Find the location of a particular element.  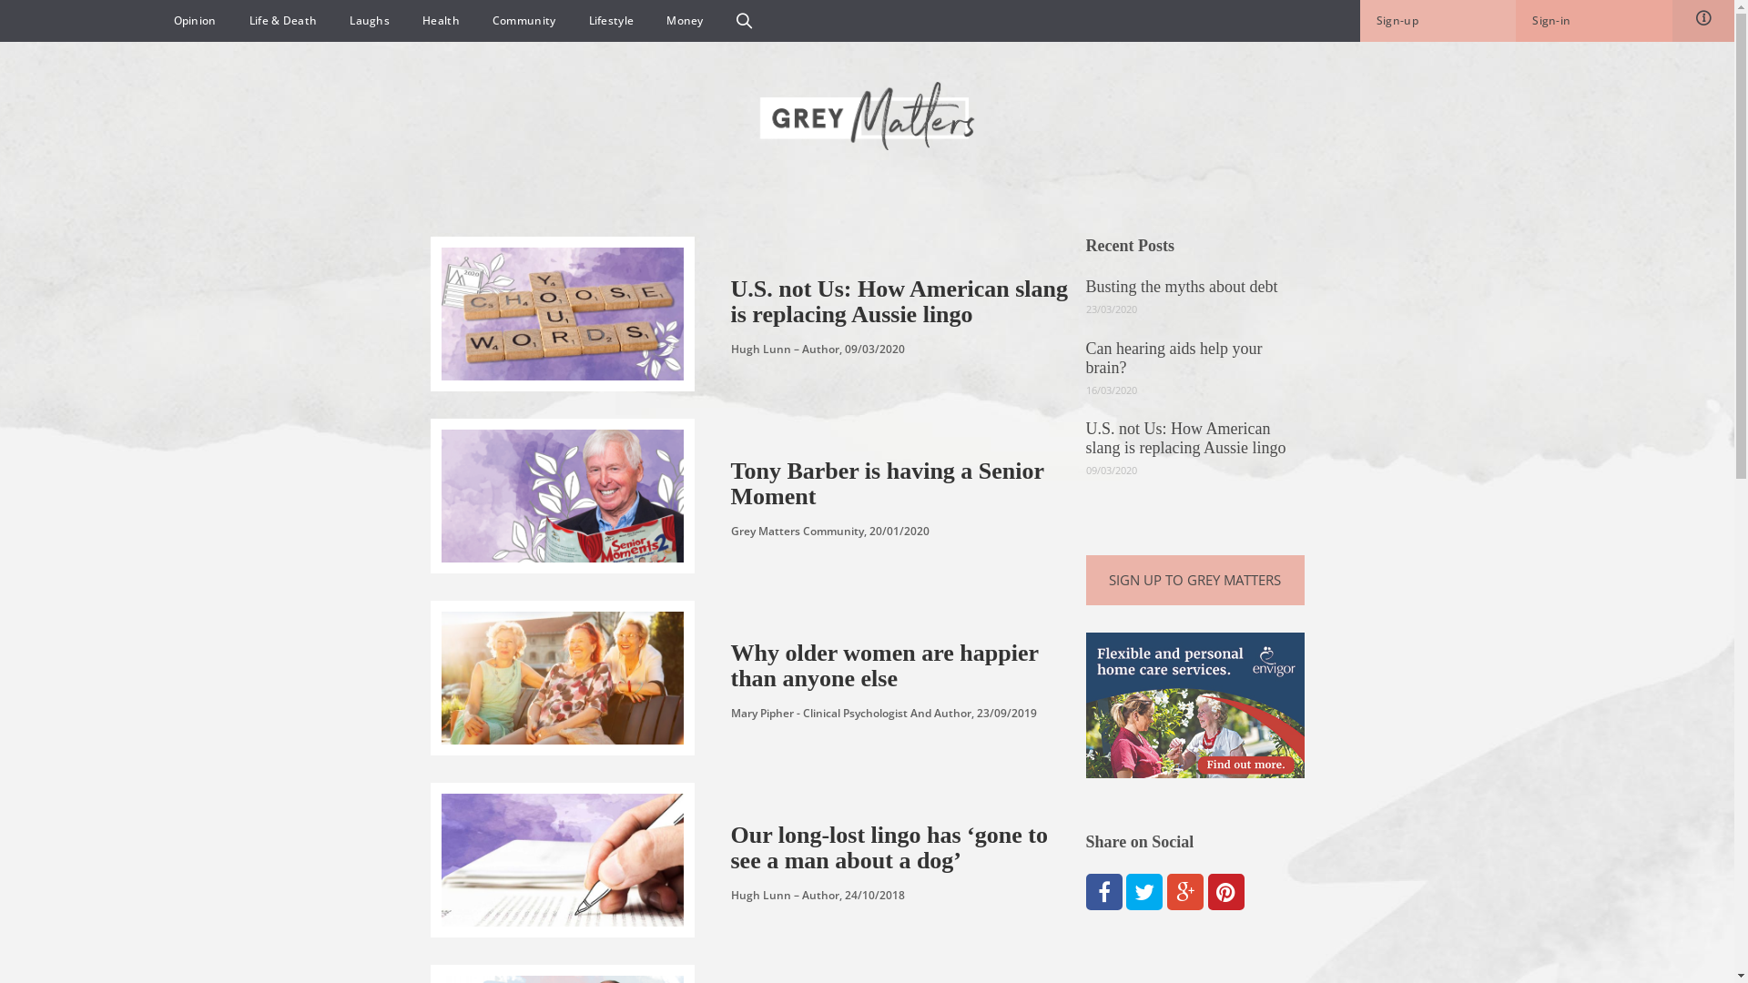

'Lifestyle' is located at coordinates (612, 21).